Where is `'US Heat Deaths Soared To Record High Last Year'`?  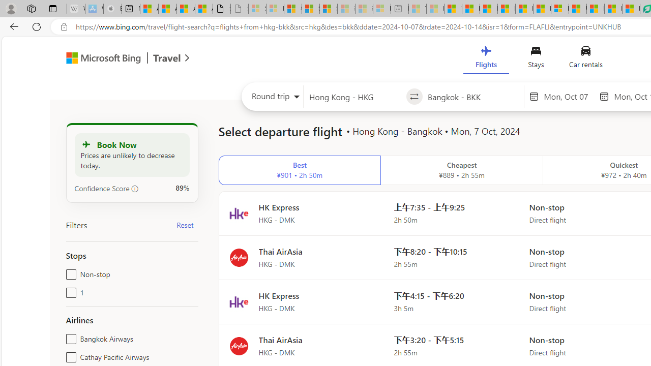
'US Heat Deaths Soared To Record High Last Year' is located at coordinates (578, 9).